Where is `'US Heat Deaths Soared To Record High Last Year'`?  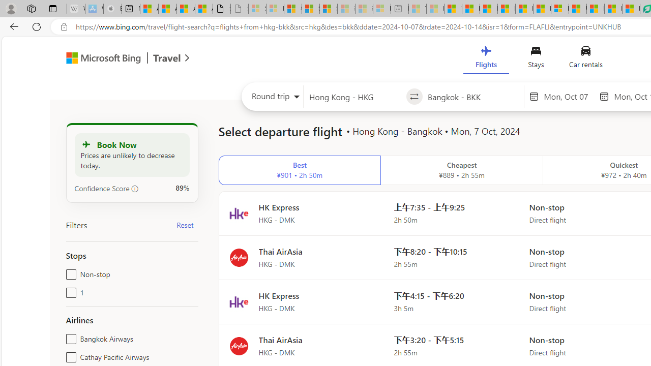
'US Heat Deaths Soared To Record High Last Year' is located at coordinates (578, 9).